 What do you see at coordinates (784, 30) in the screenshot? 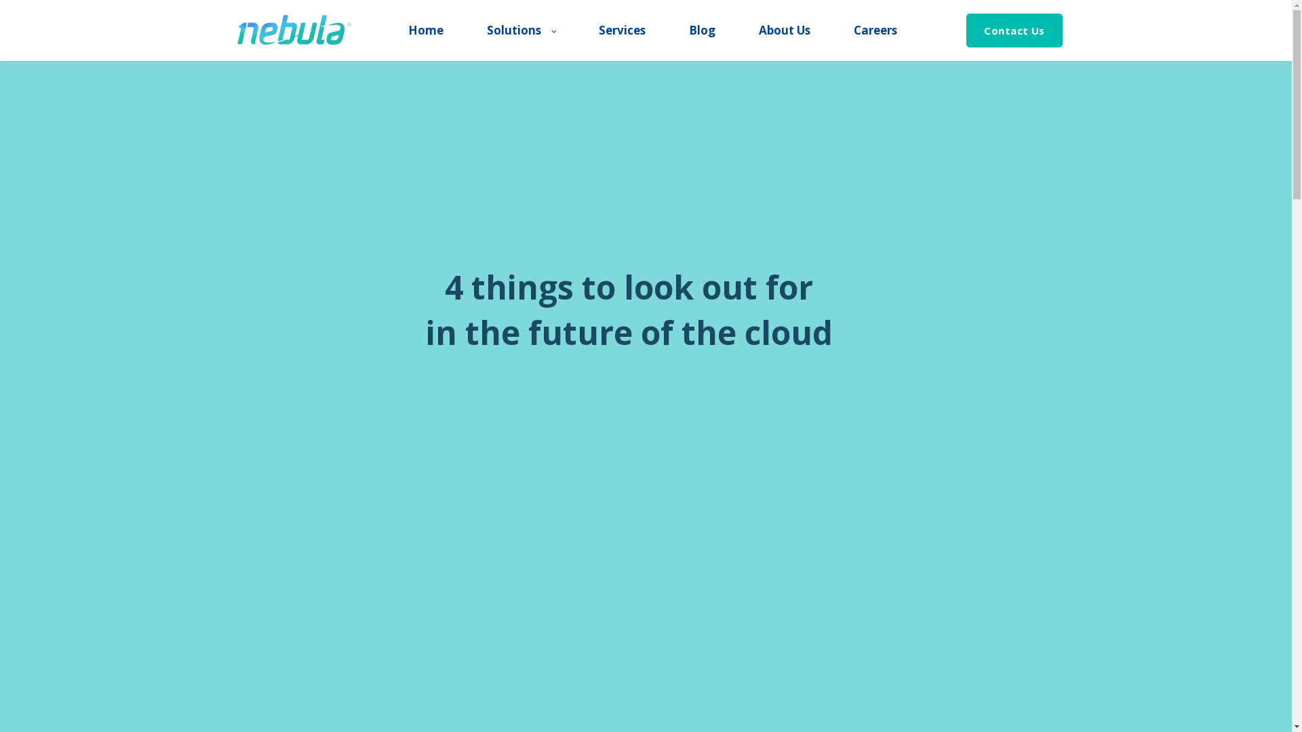
I see `'About Us'` at bounding box center [784, 30].